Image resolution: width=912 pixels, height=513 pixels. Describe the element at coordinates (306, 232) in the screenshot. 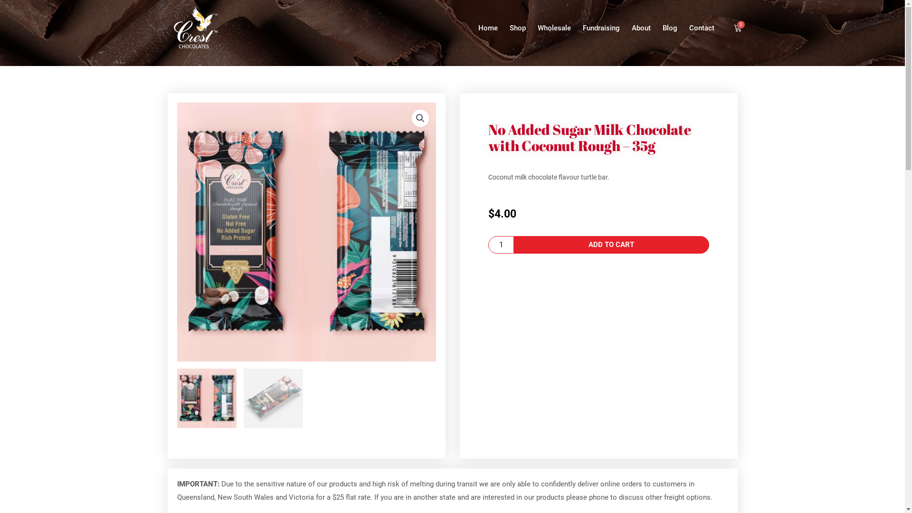

I see `'NAS-Milk-Chocolate-Coconut2'` at that location.